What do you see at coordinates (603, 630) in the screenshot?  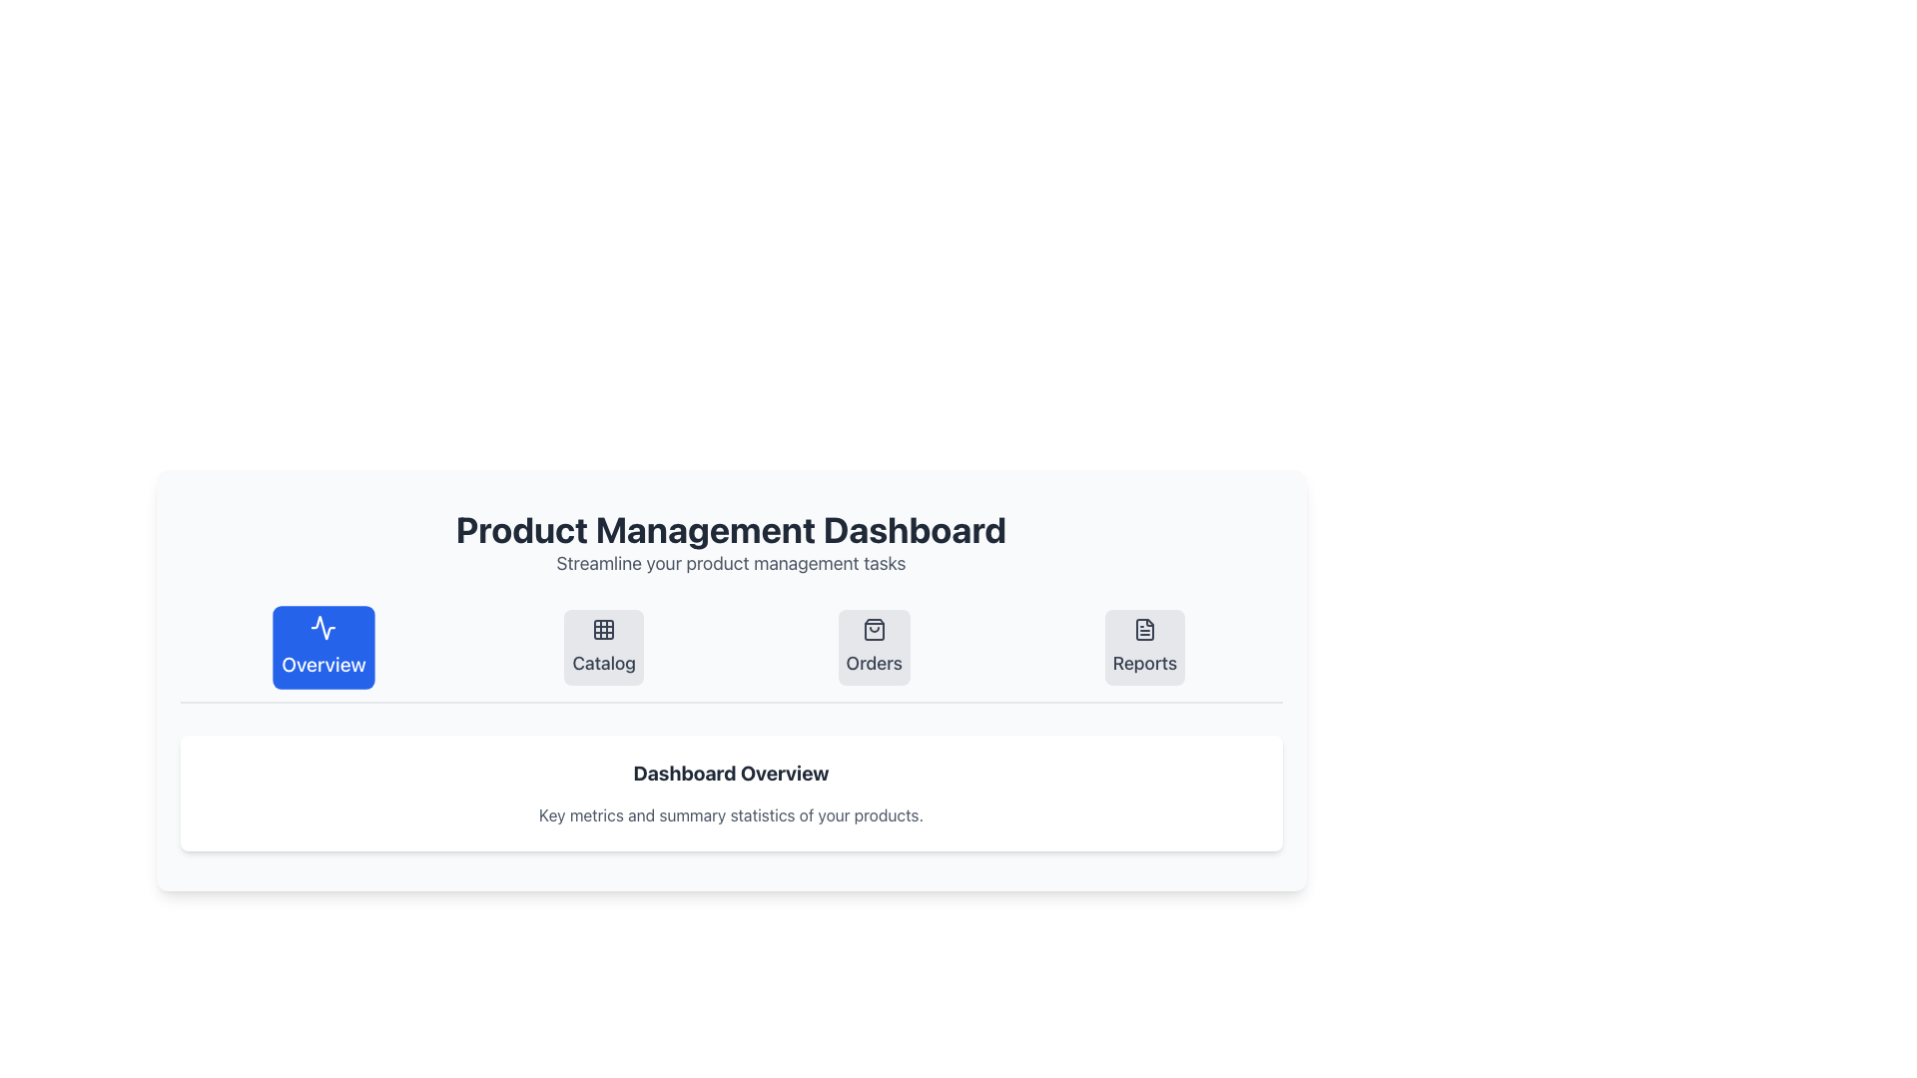 I see `the 'Catalog' navigation icon, which is the second element in the row of navigation options under the 'Product Management Dashboard' title` at bounding box center [603, 630].